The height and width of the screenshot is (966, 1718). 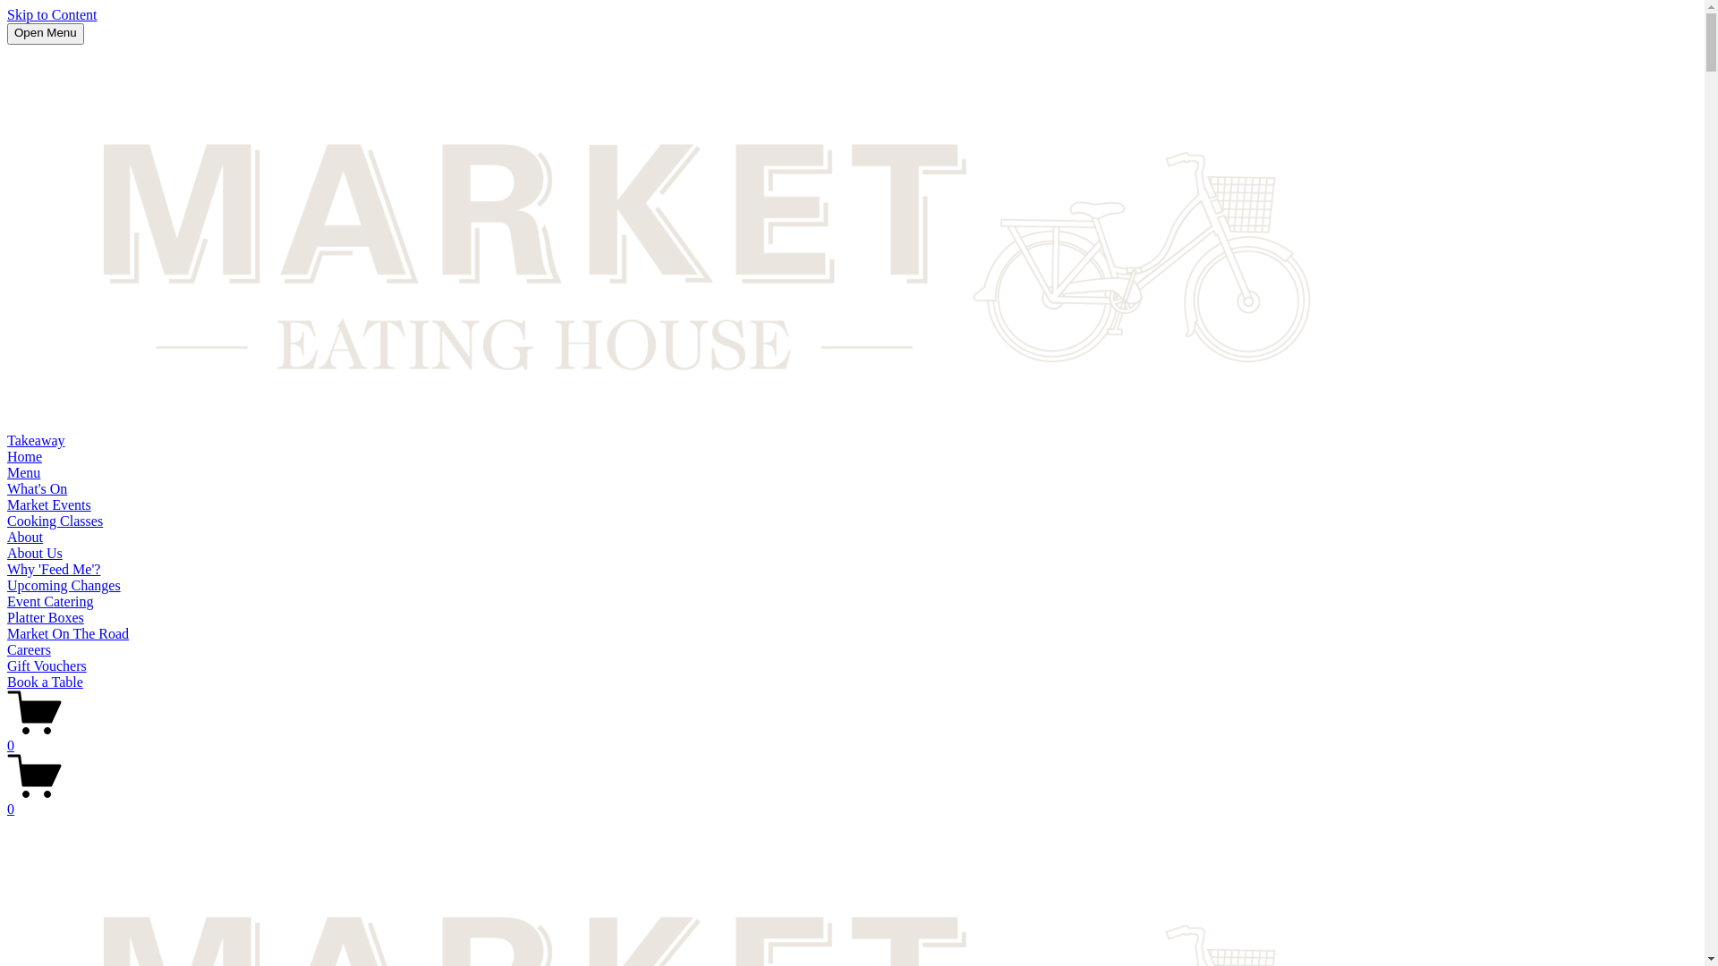 I want to click on 'Open Menu', so click(x=46, y=34).